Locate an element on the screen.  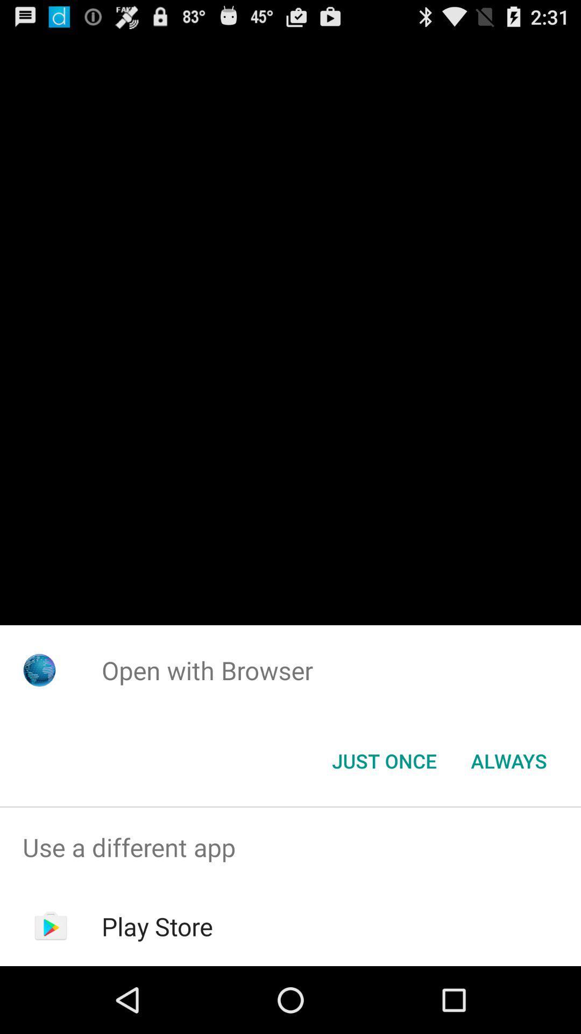
app above play store item is located at coordinates (290, 847).